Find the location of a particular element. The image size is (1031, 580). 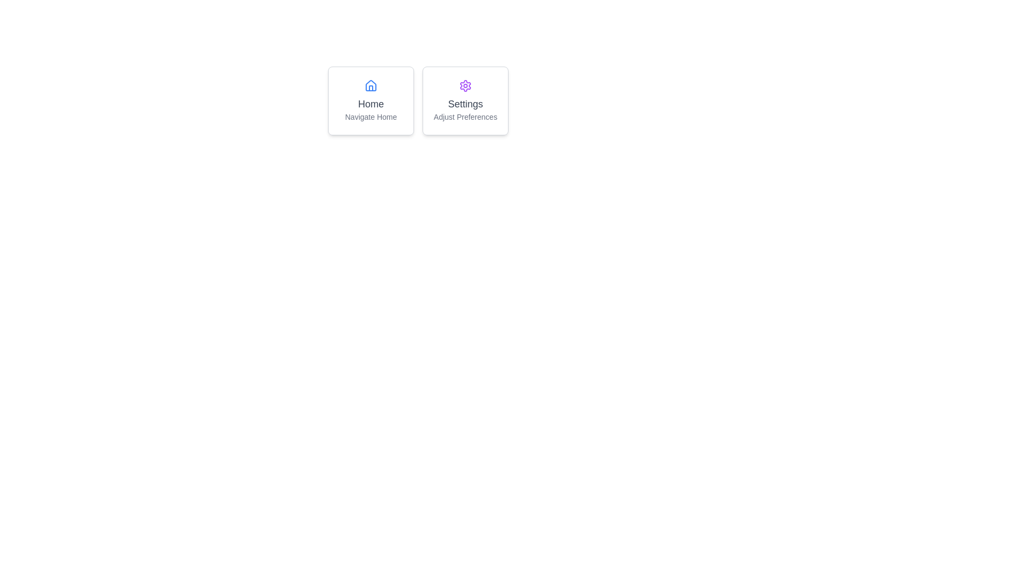

the purple gear icon within the 'Settings Adjust Preferences' card, located above the 'Settings' text is located at coordinates (466, 85).